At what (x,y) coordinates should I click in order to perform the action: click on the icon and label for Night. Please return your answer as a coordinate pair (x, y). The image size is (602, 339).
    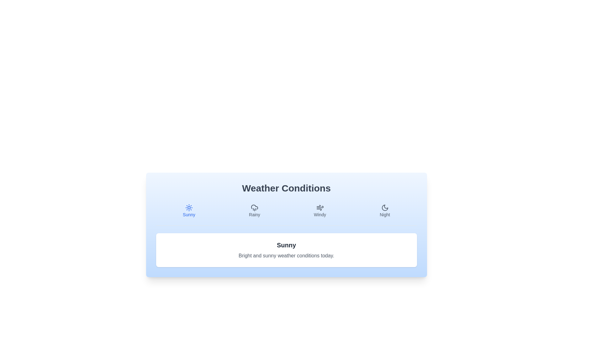
    Looking at the image, I should click on (384, 211).